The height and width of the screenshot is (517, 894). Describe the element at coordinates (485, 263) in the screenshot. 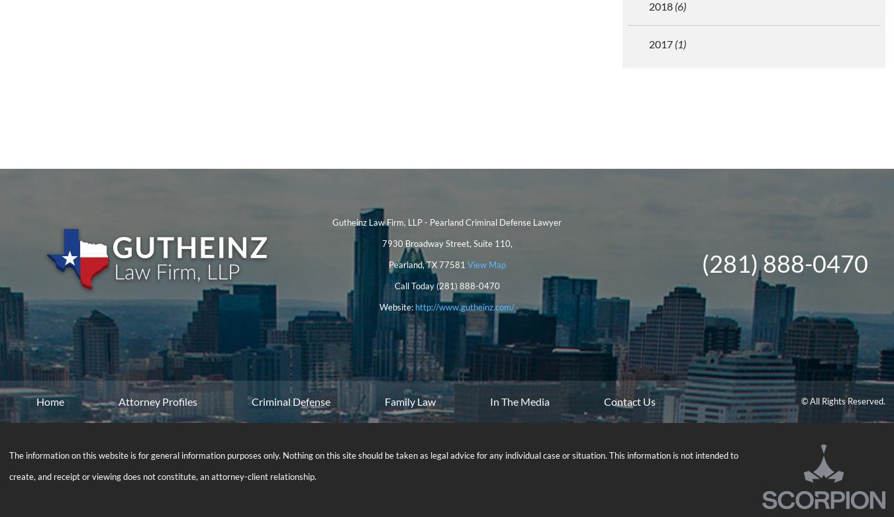

I see `'View Map'` at that location.